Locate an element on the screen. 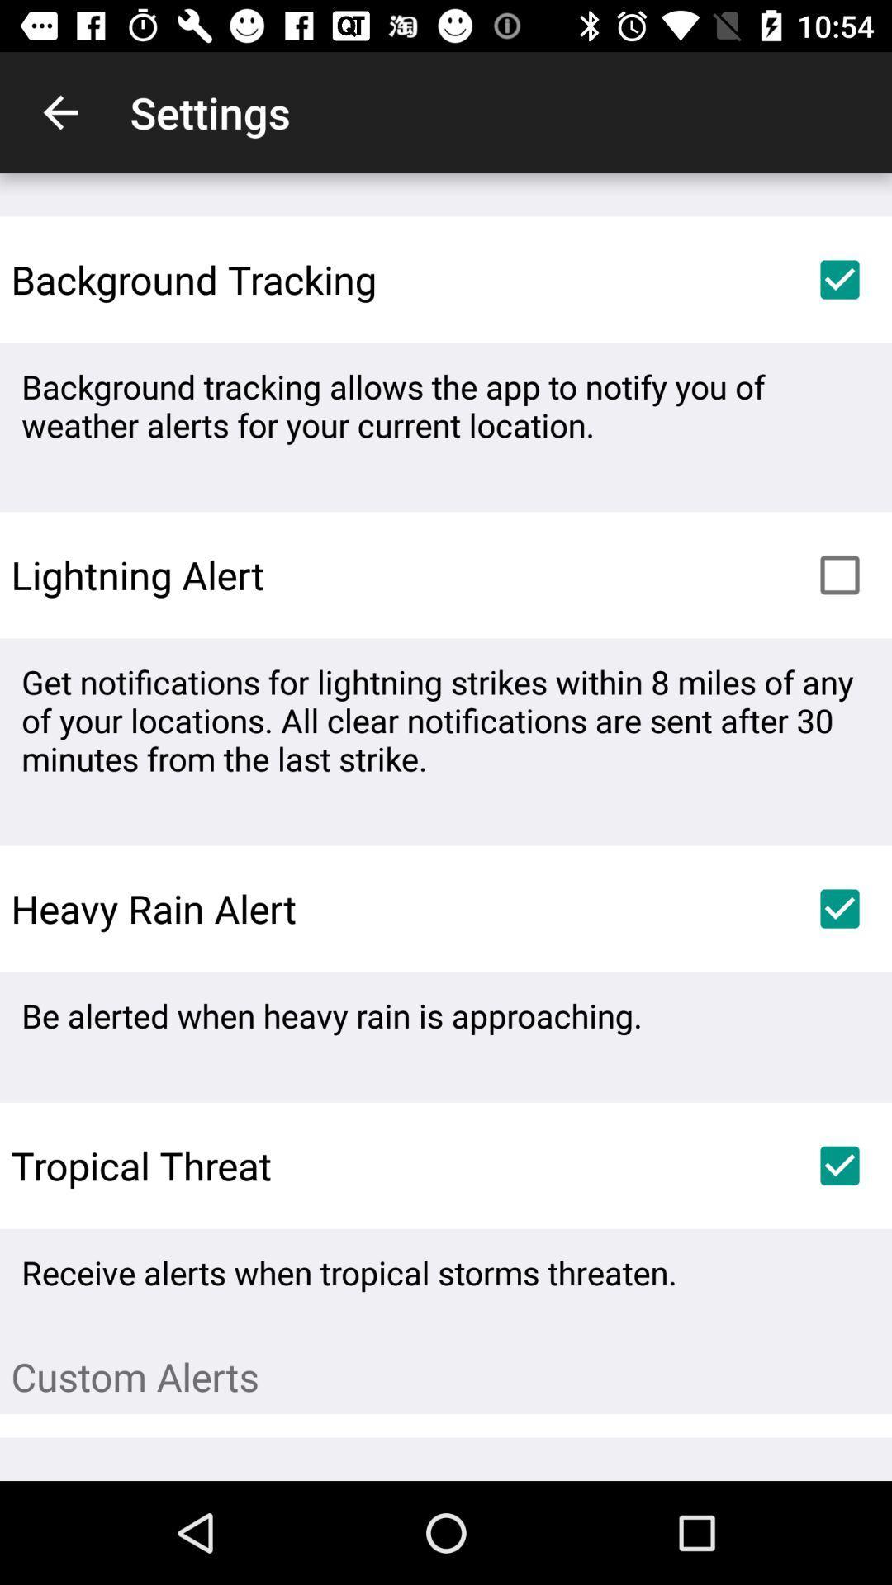  the item above tropical threat is located at coordinates (331, 1015).